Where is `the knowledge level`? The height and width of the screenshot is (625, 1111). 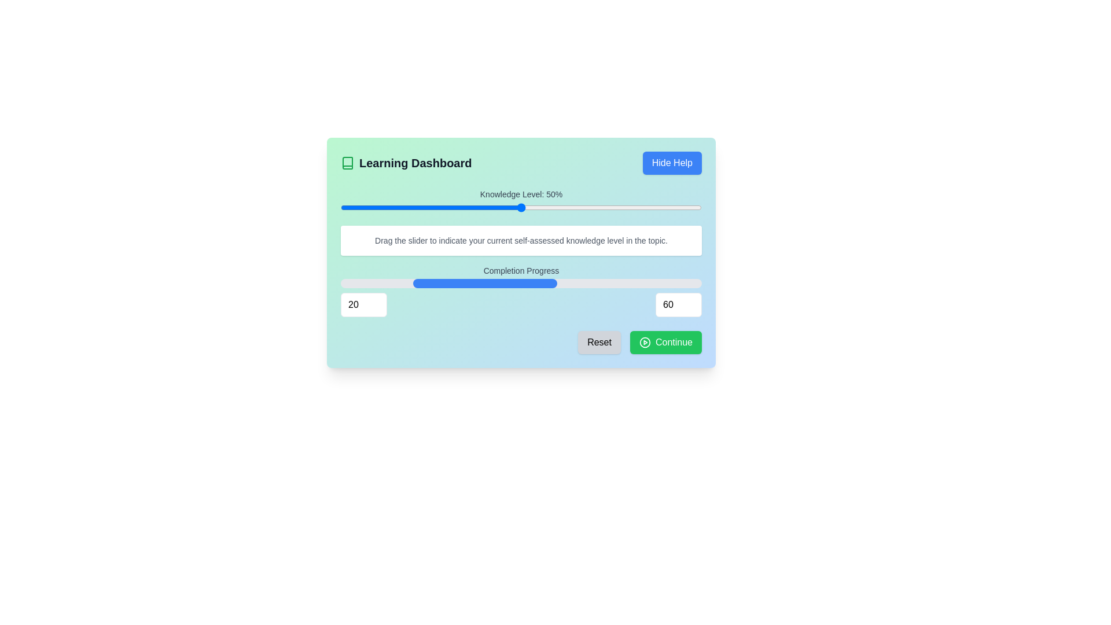
the knowledge level is located at coordinates (510, 207).